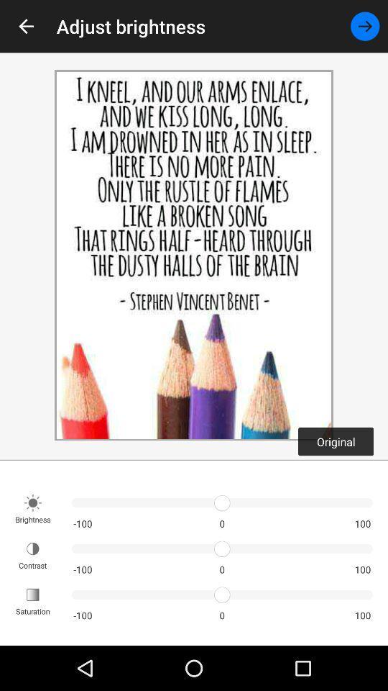 This screenshot has width=388, height=691. Describe the element at coordinates (365, 25) in the screenshot. I see `the item next to the adjust brightness icon` at that location.